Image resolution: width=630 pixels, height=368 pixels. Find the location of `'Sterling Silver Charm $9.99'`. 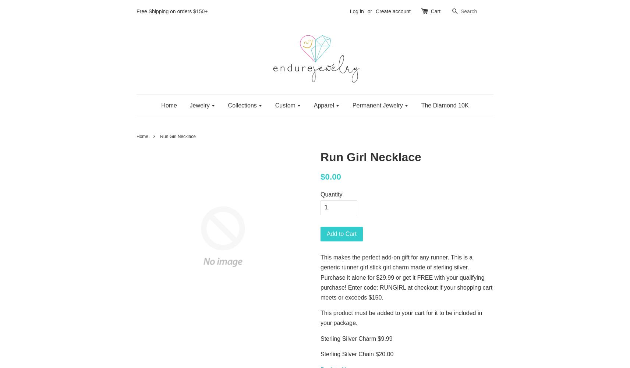

'Sterling Silver Charm $9.99' is located at coordinates (320, 338).